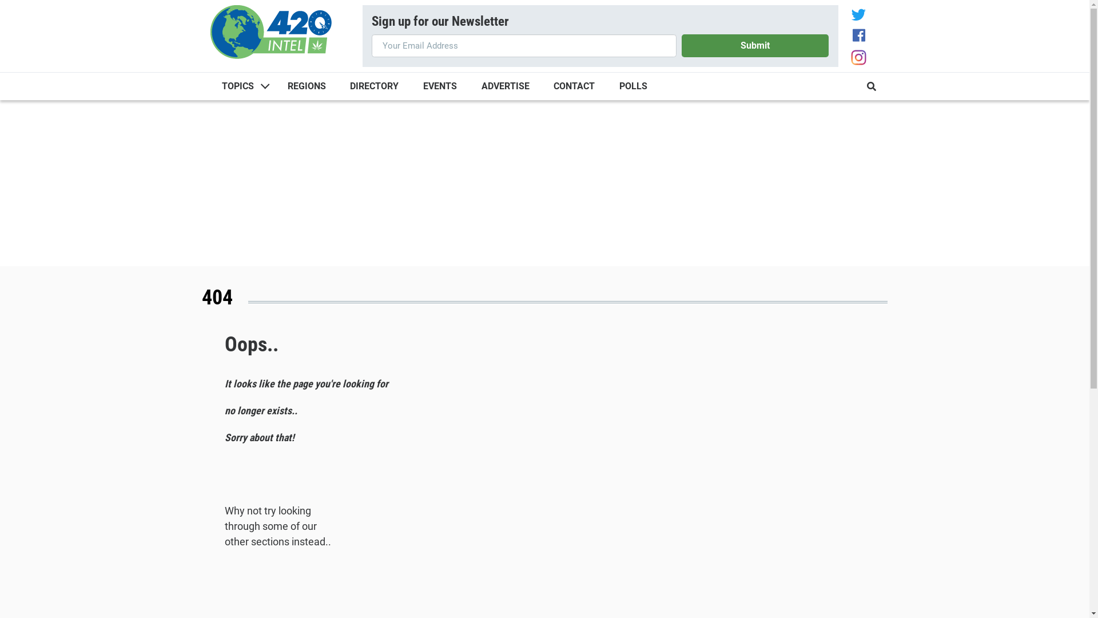 The image size is (1098, 618). Describe the element at coordinates (864, 85) in the screenshot. I see `'Search'` at that location.